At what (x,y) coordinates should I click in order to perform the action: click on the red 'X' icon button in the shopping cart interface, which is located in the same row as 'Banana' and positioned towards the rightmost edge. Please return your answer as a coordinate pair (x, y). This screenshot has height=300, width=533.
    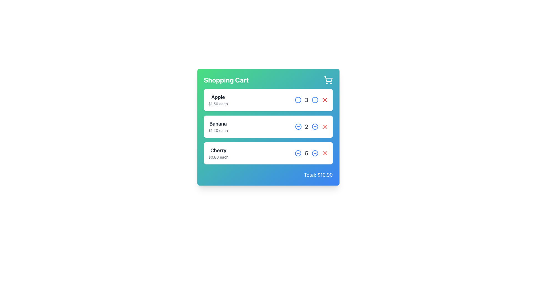
    Looking at the image, I should click on (325, 126).